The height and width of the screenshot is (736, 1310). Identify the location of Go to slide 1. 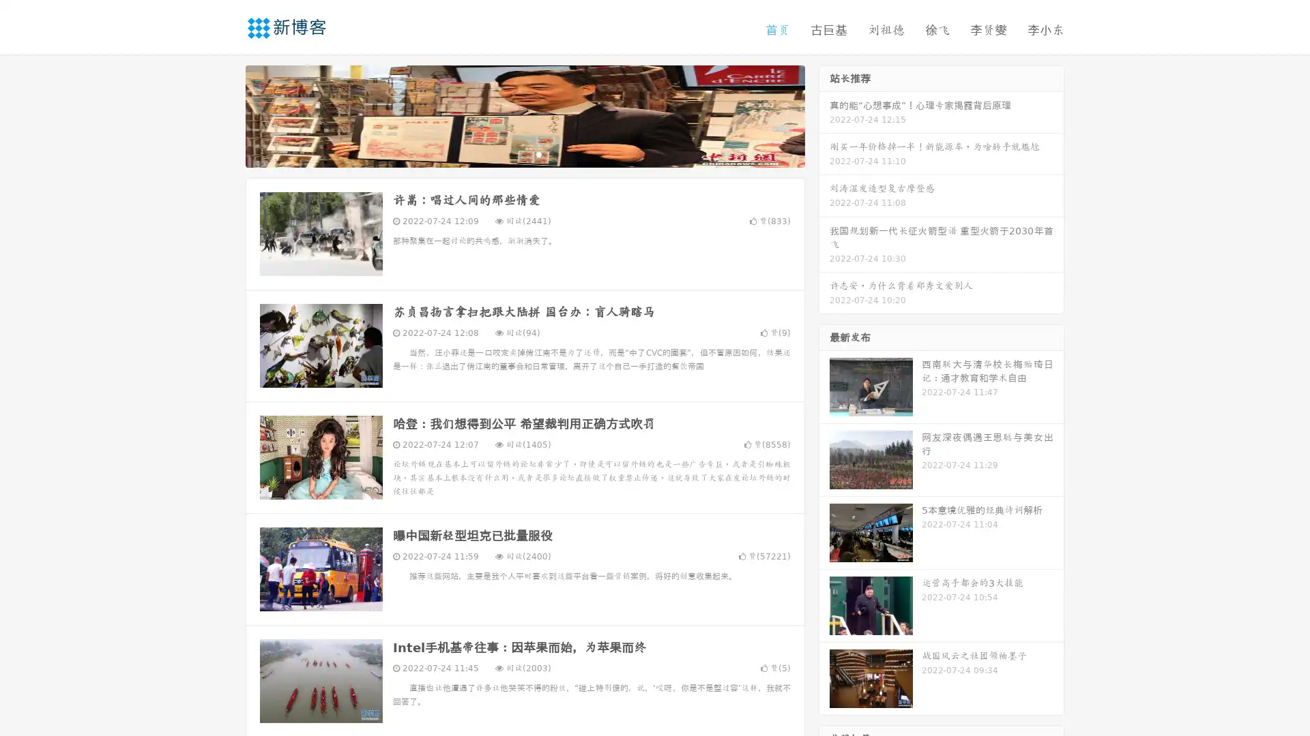
(510, 153).